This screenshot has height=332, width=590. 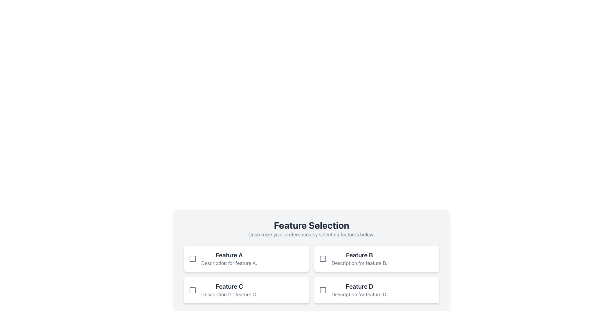 I want to click on the Text Label located in the bottom right card under the 'Feature Selection' section, which serves as the title for the feature and is positioned above its description text and next to a checkbox, so click(x=360, y=287).